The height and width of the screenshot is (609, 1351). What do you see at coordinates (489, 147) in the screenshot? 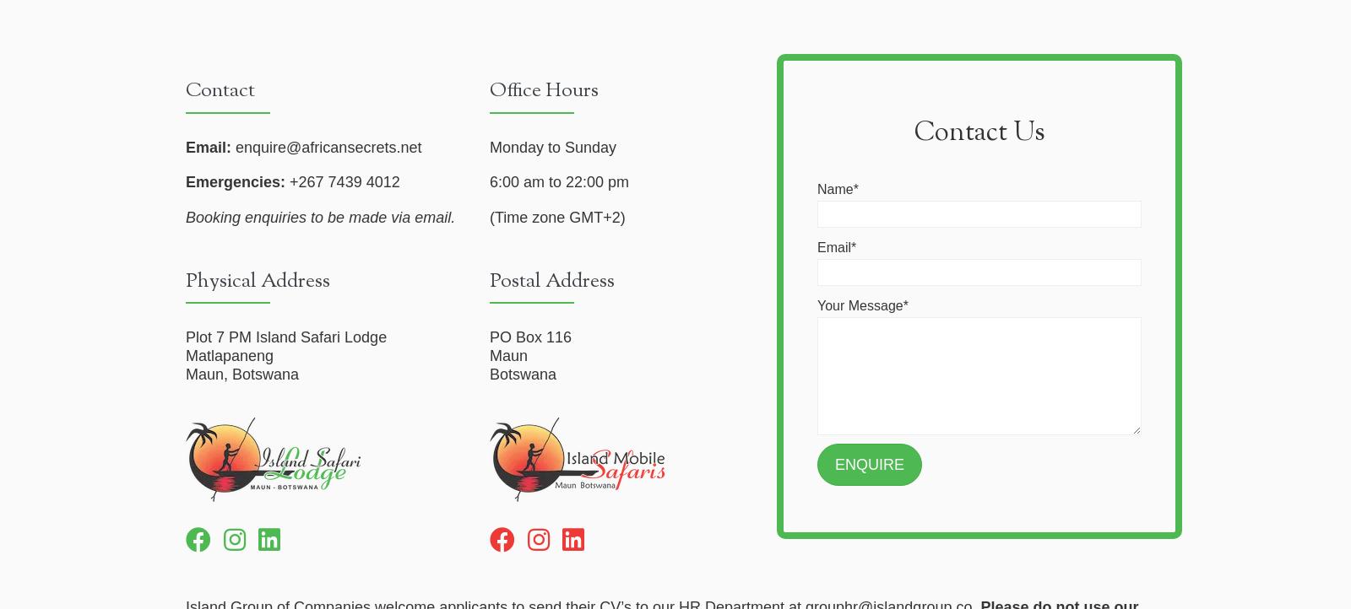
I see `'Monday to Sunday'` at bounding box center [489, 147].